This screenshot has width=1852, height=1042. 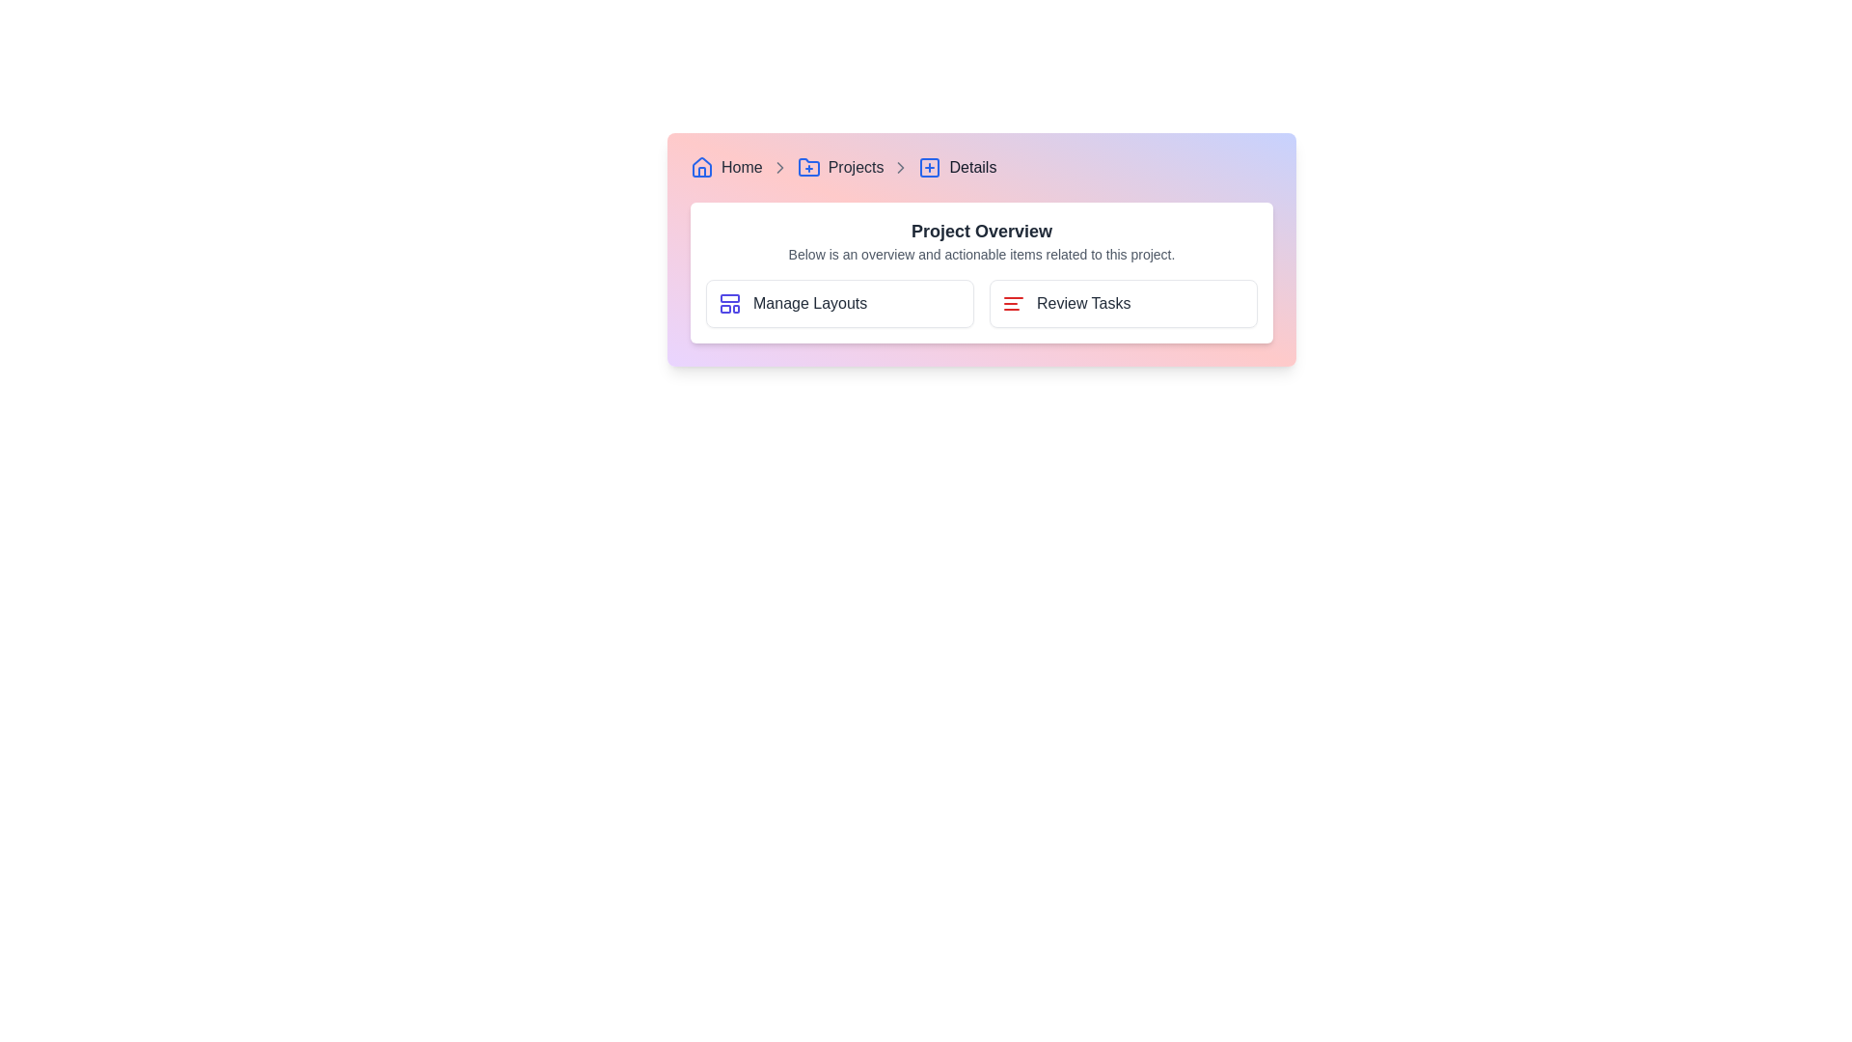 I want to click on the 'Projects' hyperlink text in the breadcrumb navigation bar, so click(x=855, y=166).